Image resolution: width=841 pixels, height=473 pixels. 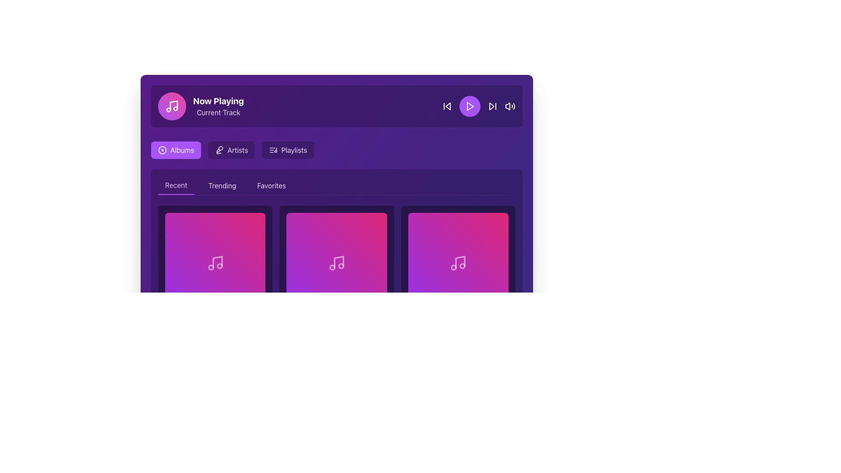 I want to click on the 'Artists' text label within the button group, so click(x=237, y=150).